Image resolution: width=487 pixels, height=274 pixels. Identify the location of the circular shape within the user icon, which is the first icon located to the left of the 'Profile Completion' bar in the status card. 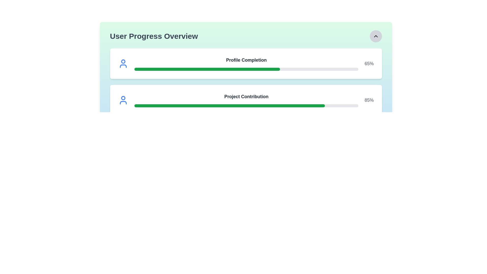
(123, 61).